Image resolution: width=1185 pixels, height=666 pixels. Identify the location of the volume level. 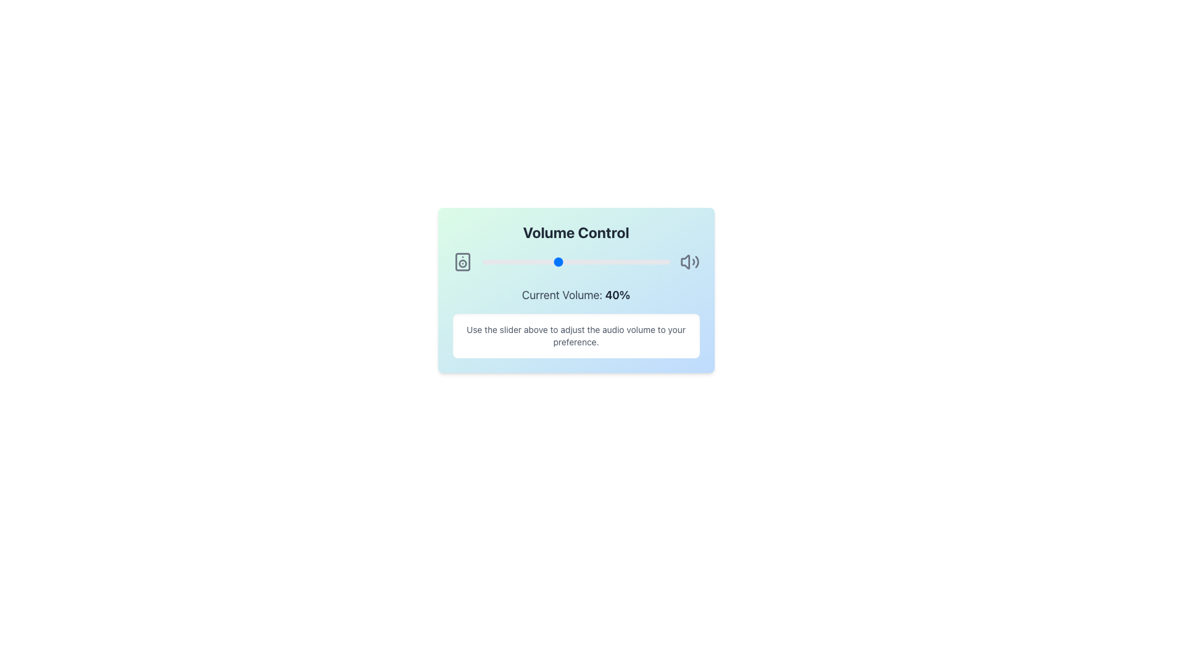
(619, 261).